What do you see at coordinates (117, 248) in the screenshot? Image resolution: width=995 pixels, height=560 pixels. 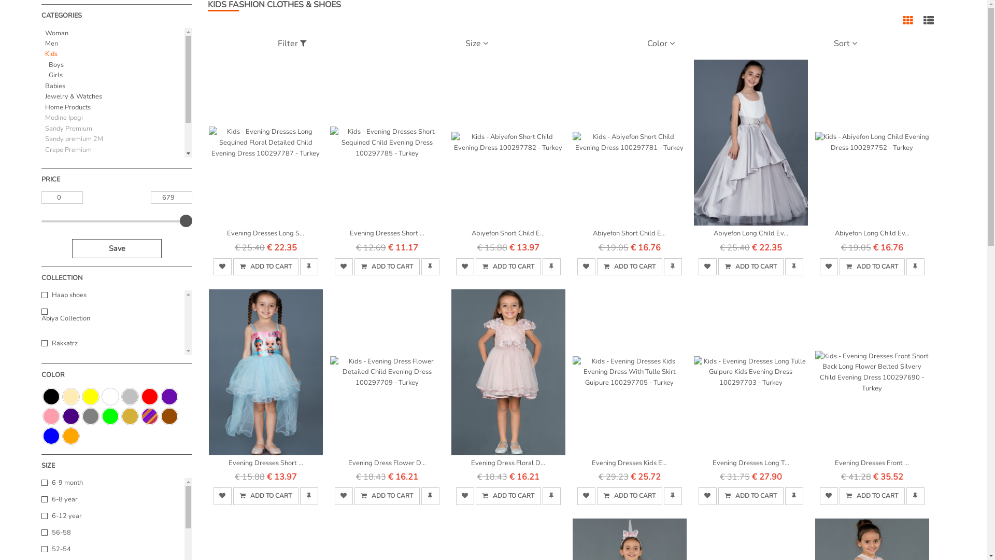 I see `'Save'` at bounding box center [117, 248].